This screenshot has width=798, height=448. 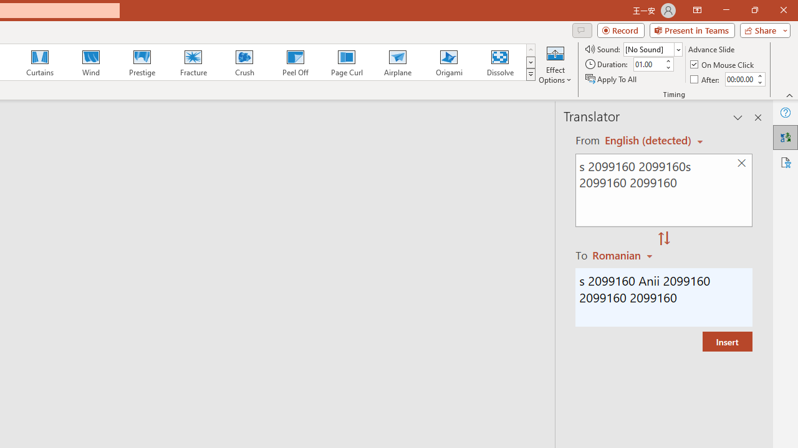 I want to click on 'After', so click(x=706, y=79).